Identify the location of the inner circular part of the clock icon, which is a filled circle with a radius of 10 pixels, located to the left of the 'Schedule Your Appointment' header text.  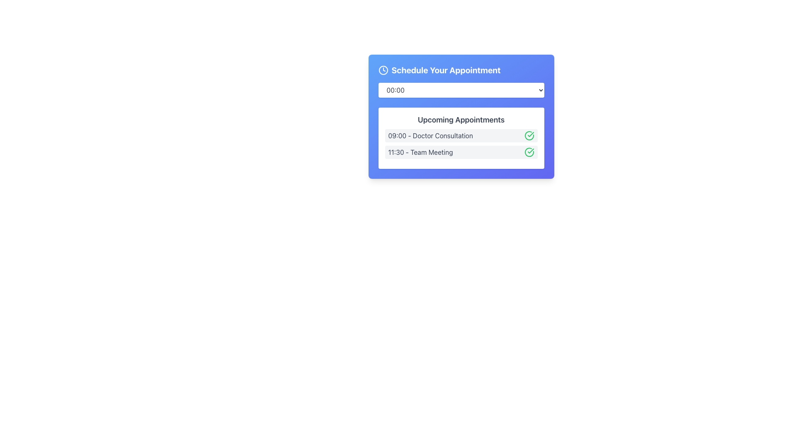
(383, 70).